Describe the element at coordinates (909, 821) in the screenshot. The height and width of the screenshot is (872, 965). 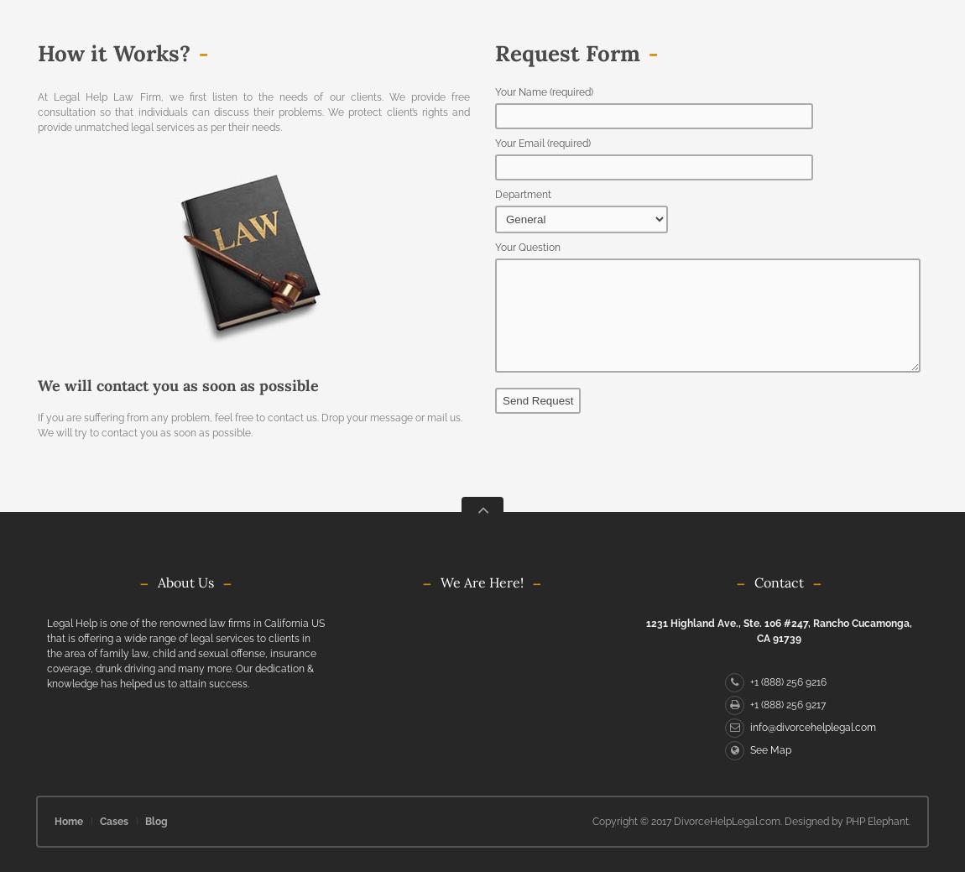
I see `'.'` at that location.